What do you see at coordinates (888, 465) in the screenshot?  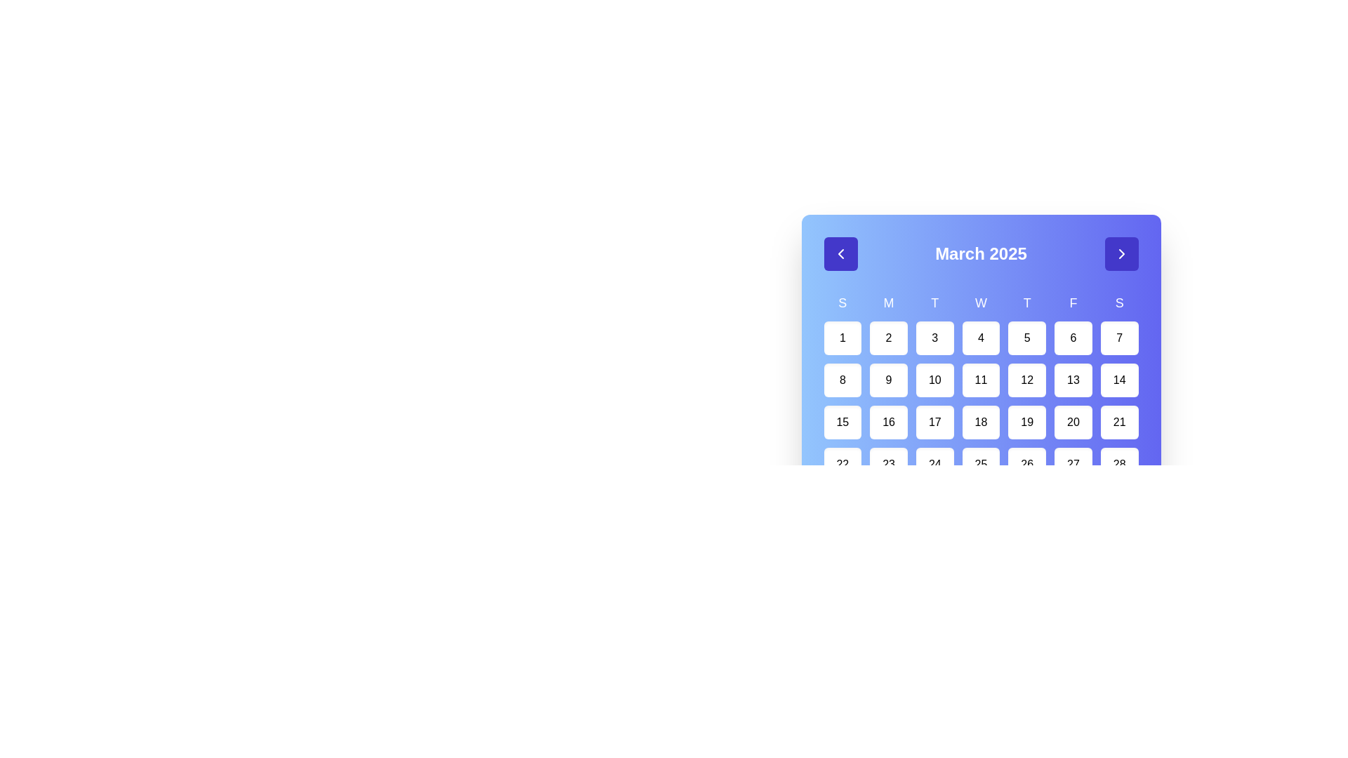 I see `the rounded, white square button displaying the number '23' in bold black text, located in the sixth row and second column of the March 2025 calendar grid` at bounding box center [888, 465].